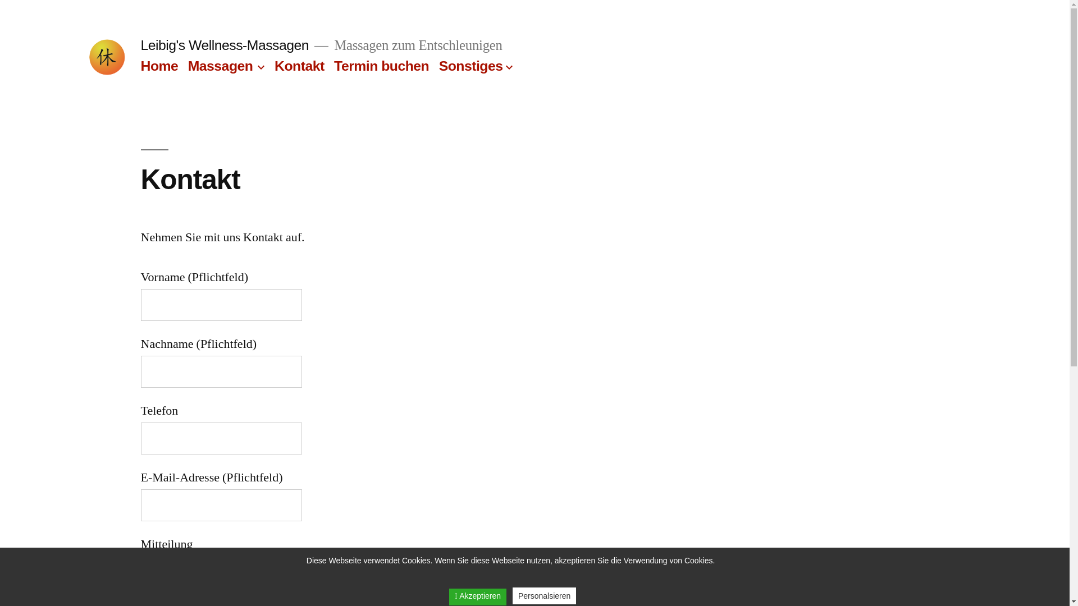 The width and height of the screenshot is (1078, 606). What do you see at coordinates (381, 66) in the screenshot?
I see `'Termin buchen'` at bounding box center [381, 66].